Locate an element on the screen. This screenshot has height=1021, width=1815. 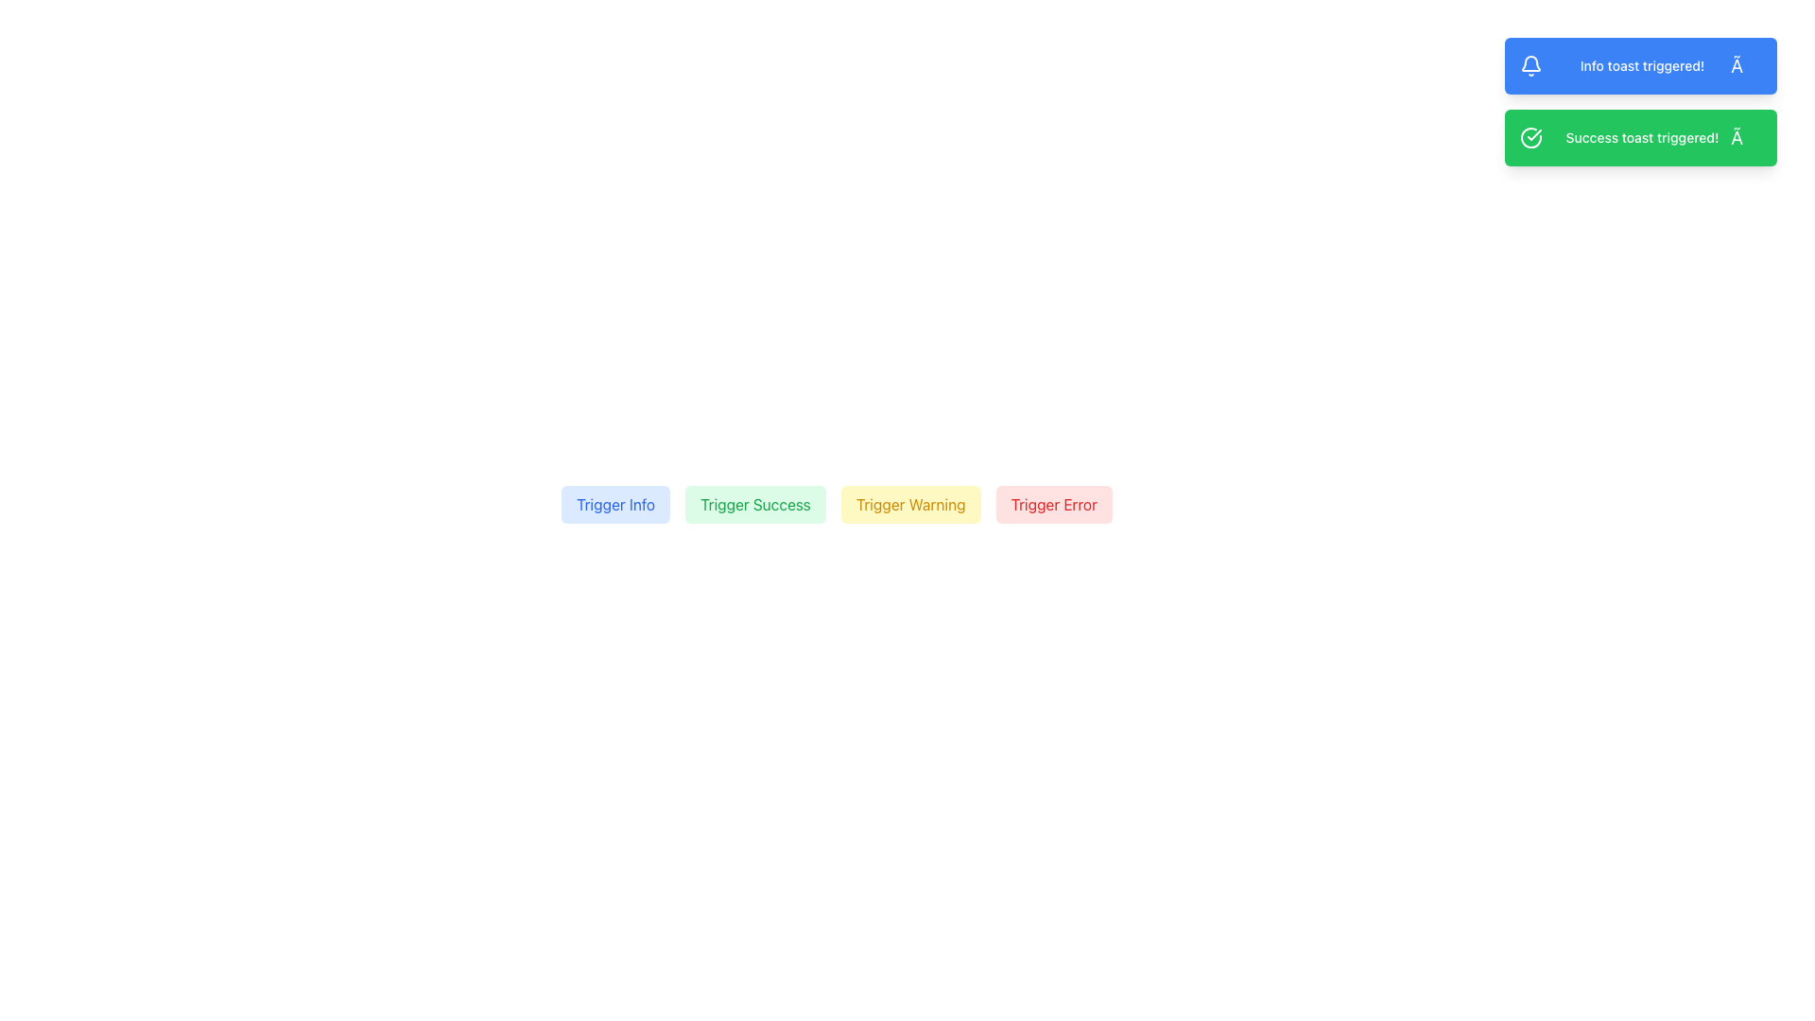
the warning button located between the 'Trigger Success' and 'Trigger Error' buttons is located at coordinates (836, 495).